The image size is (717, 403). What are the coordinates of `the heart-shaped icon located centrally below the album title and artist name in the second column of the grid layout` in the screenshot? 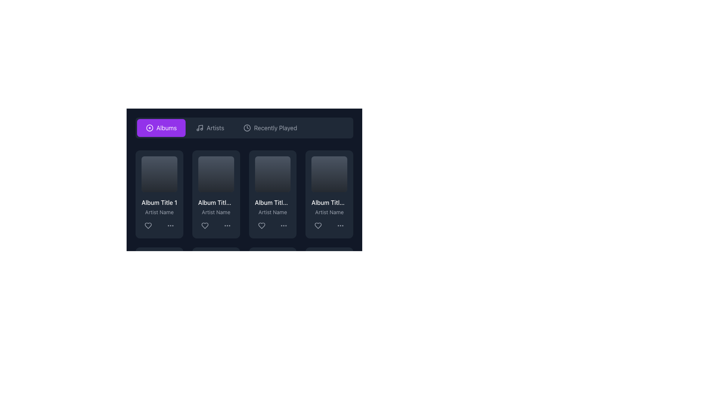 It's located at (205, 225).